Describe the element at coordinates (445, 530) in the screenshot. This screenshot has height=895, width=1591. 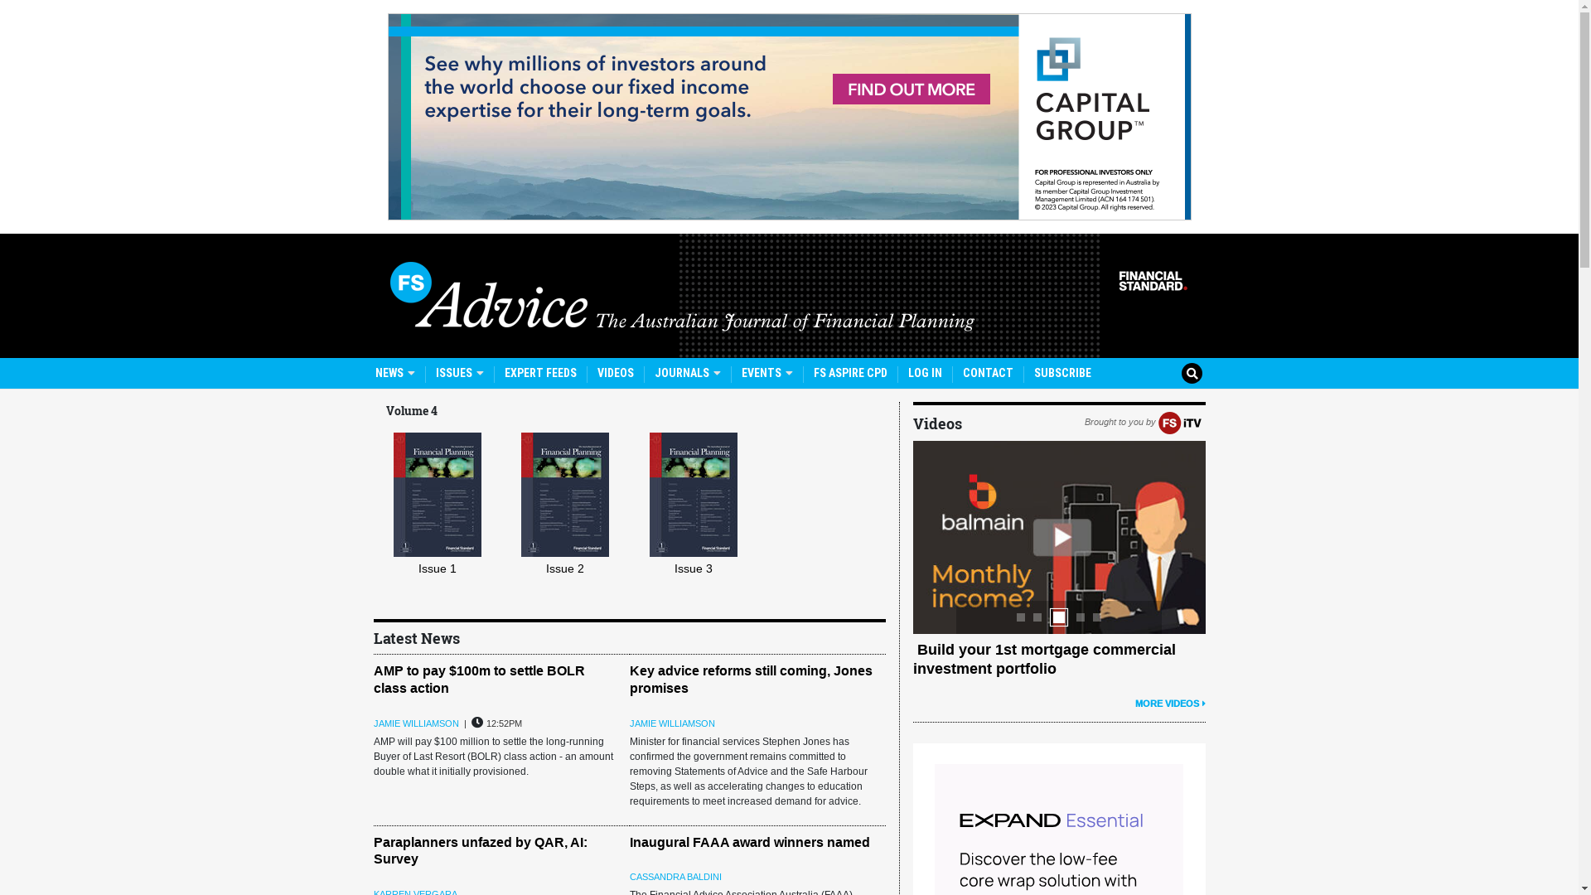
I see `'Issue 1'` at that location.